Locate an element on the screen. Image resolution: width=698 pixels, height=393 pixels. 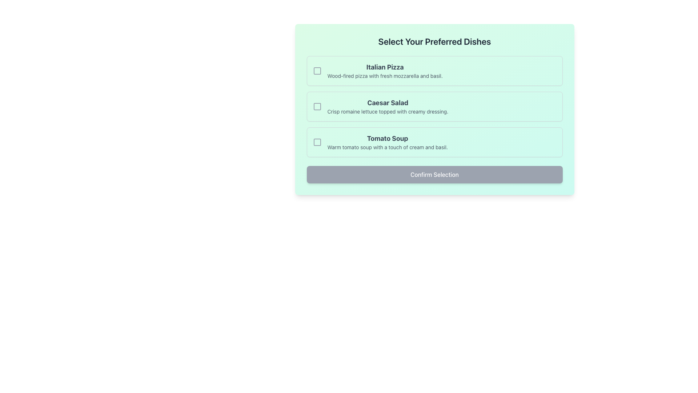
to select the 'Caesar Salad' option from the second item in a vertically stacked list of preferred dishes, which is centrally aligned with an icon on the left is located at coordinates (387, 107).